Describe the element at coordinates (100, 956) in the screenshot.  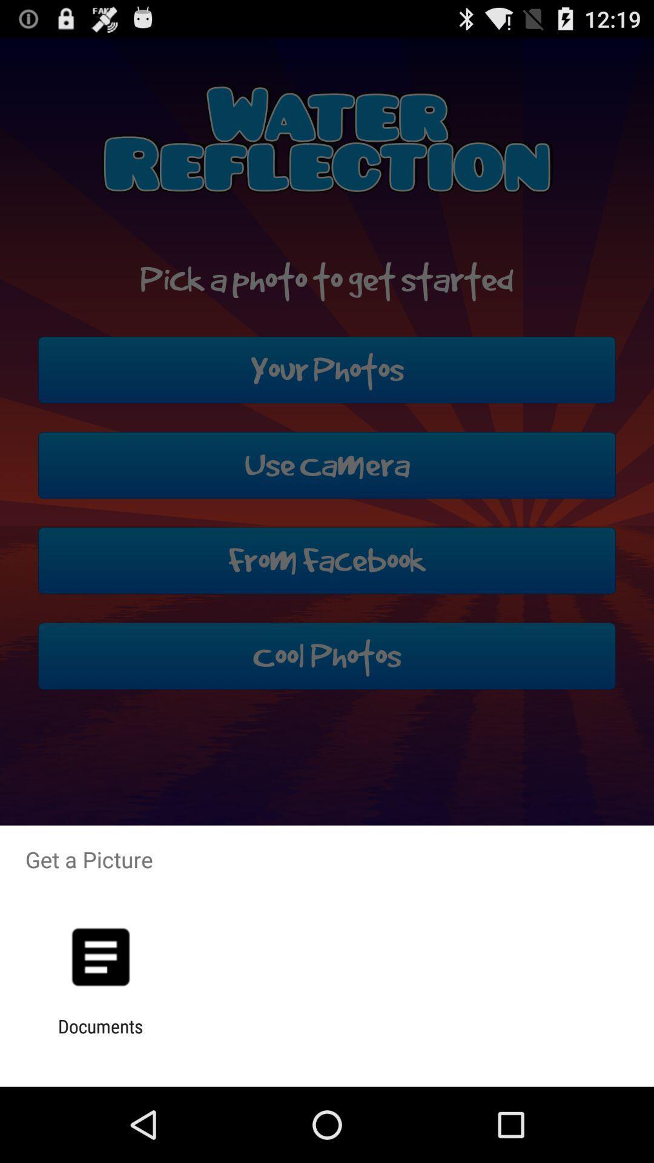
I see `the icon below the get a picture item` at that location.